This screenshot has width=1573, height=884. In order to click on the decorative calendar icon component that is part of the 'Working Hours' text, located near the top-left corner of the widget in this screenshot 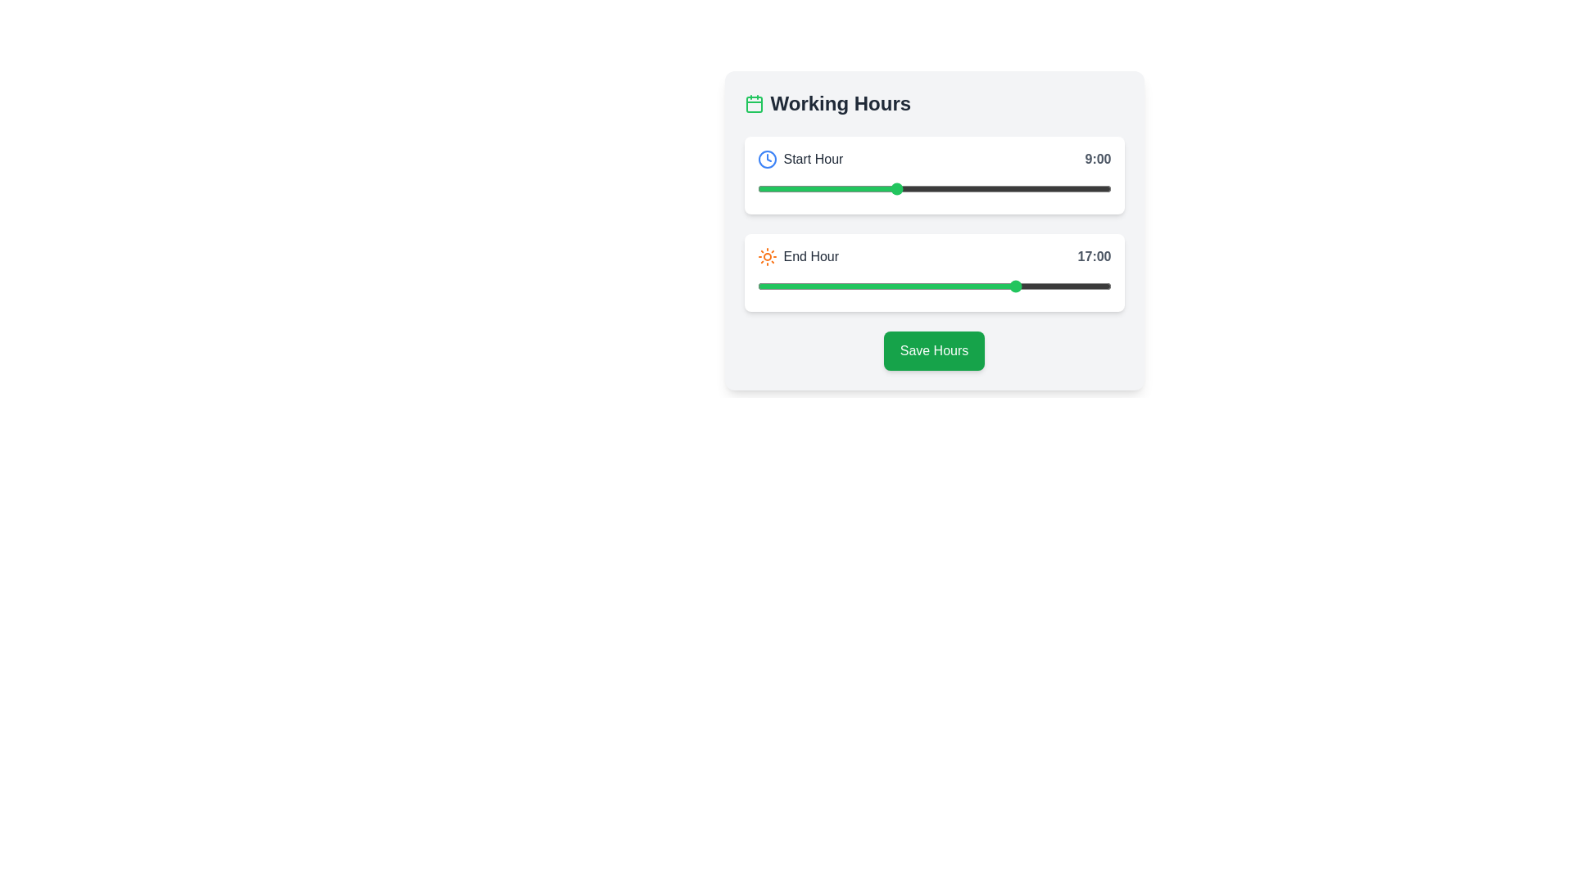, I will do `click(753, 104)`.